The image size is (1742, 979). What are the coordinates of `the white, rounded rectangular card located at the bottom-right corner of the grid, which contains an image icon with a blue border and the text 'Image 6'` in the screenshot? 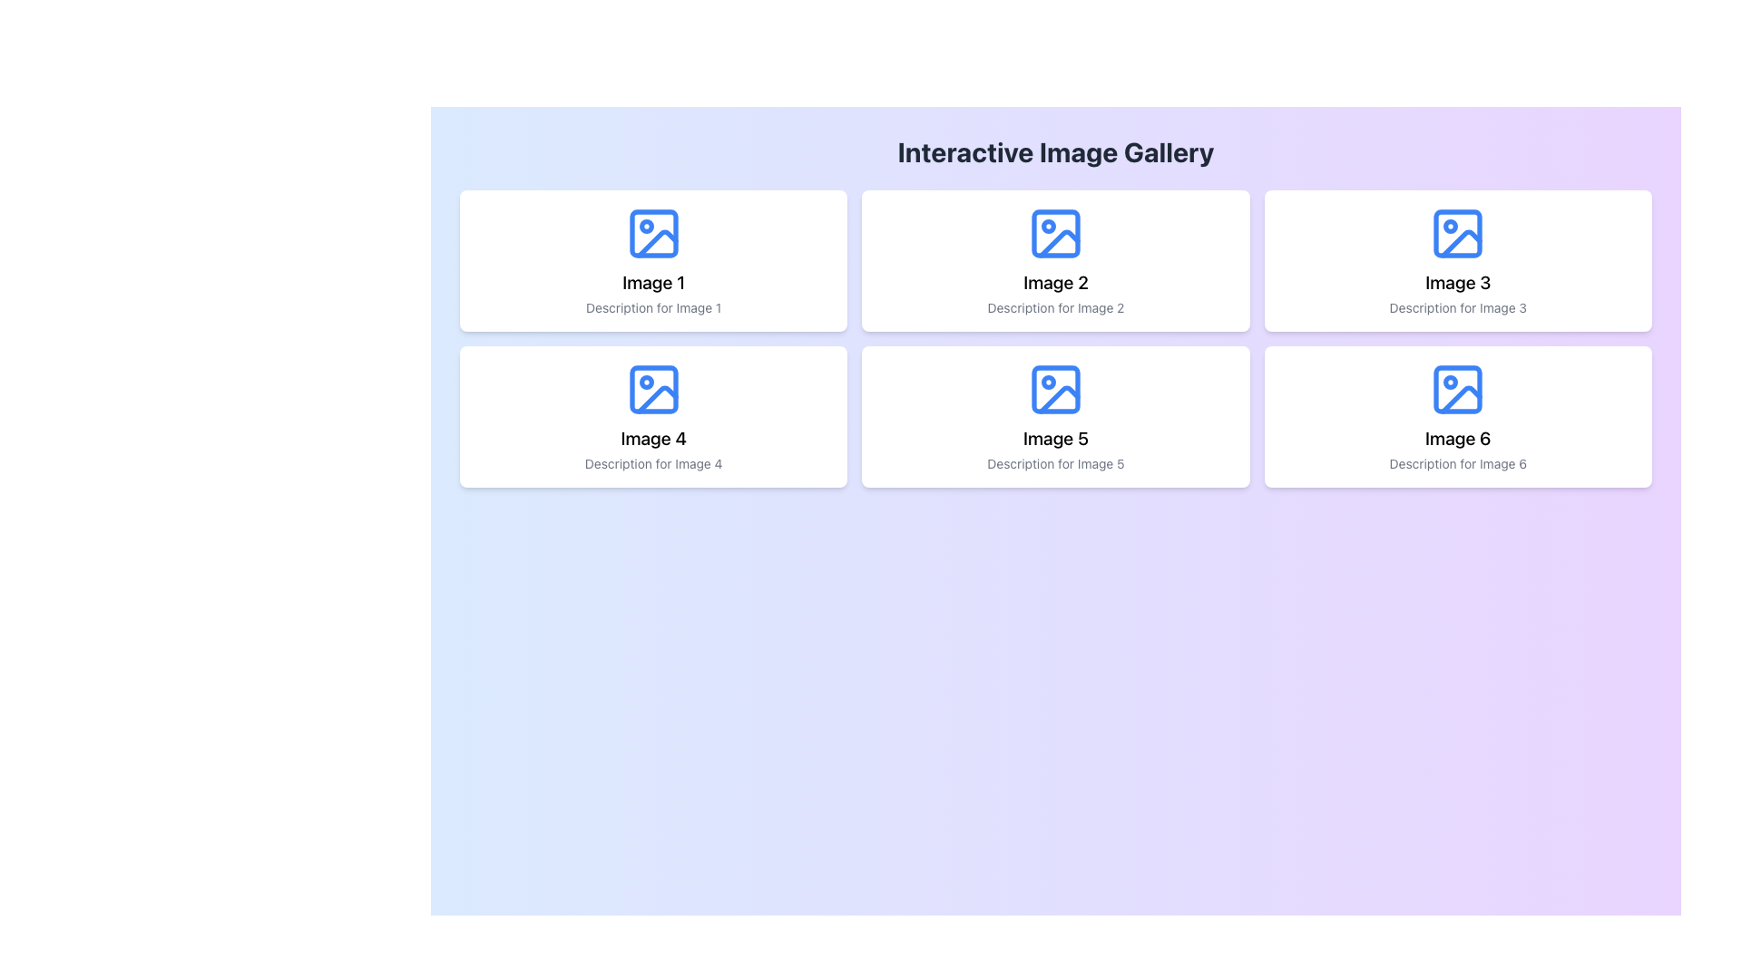 It's located at (1458, 416).